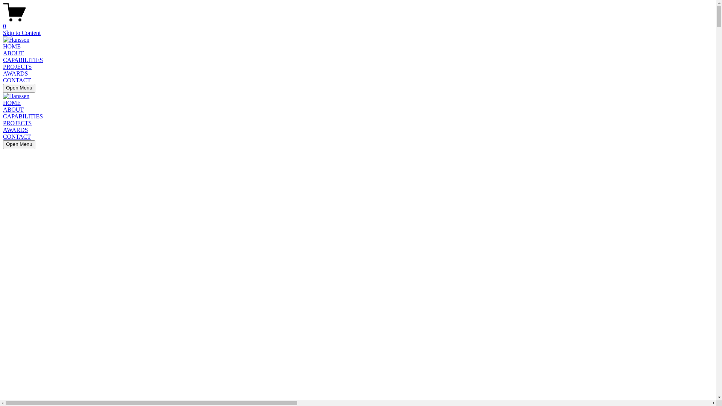 The height and width of the screenshot is (406, 722). What do you see at coordinates (17, 123) in the screenshot?
I see `'PROJECTS'` at bounding box center [17, 123].